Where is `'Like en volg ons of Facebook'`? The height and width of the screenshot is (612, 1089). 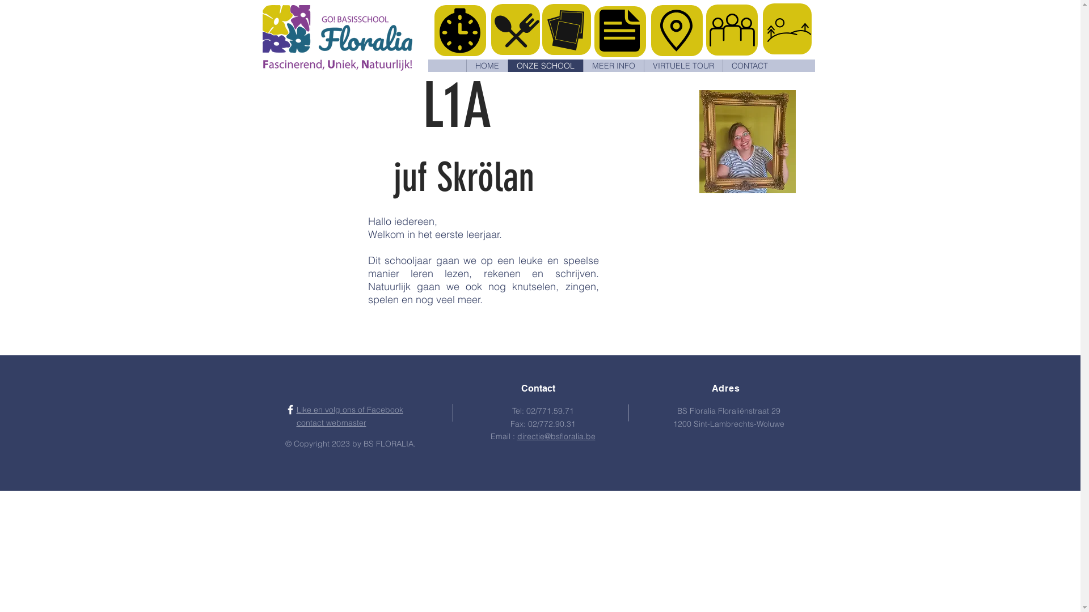 'Like en volg ons of Facebook' is located at coordinates (348, 409).